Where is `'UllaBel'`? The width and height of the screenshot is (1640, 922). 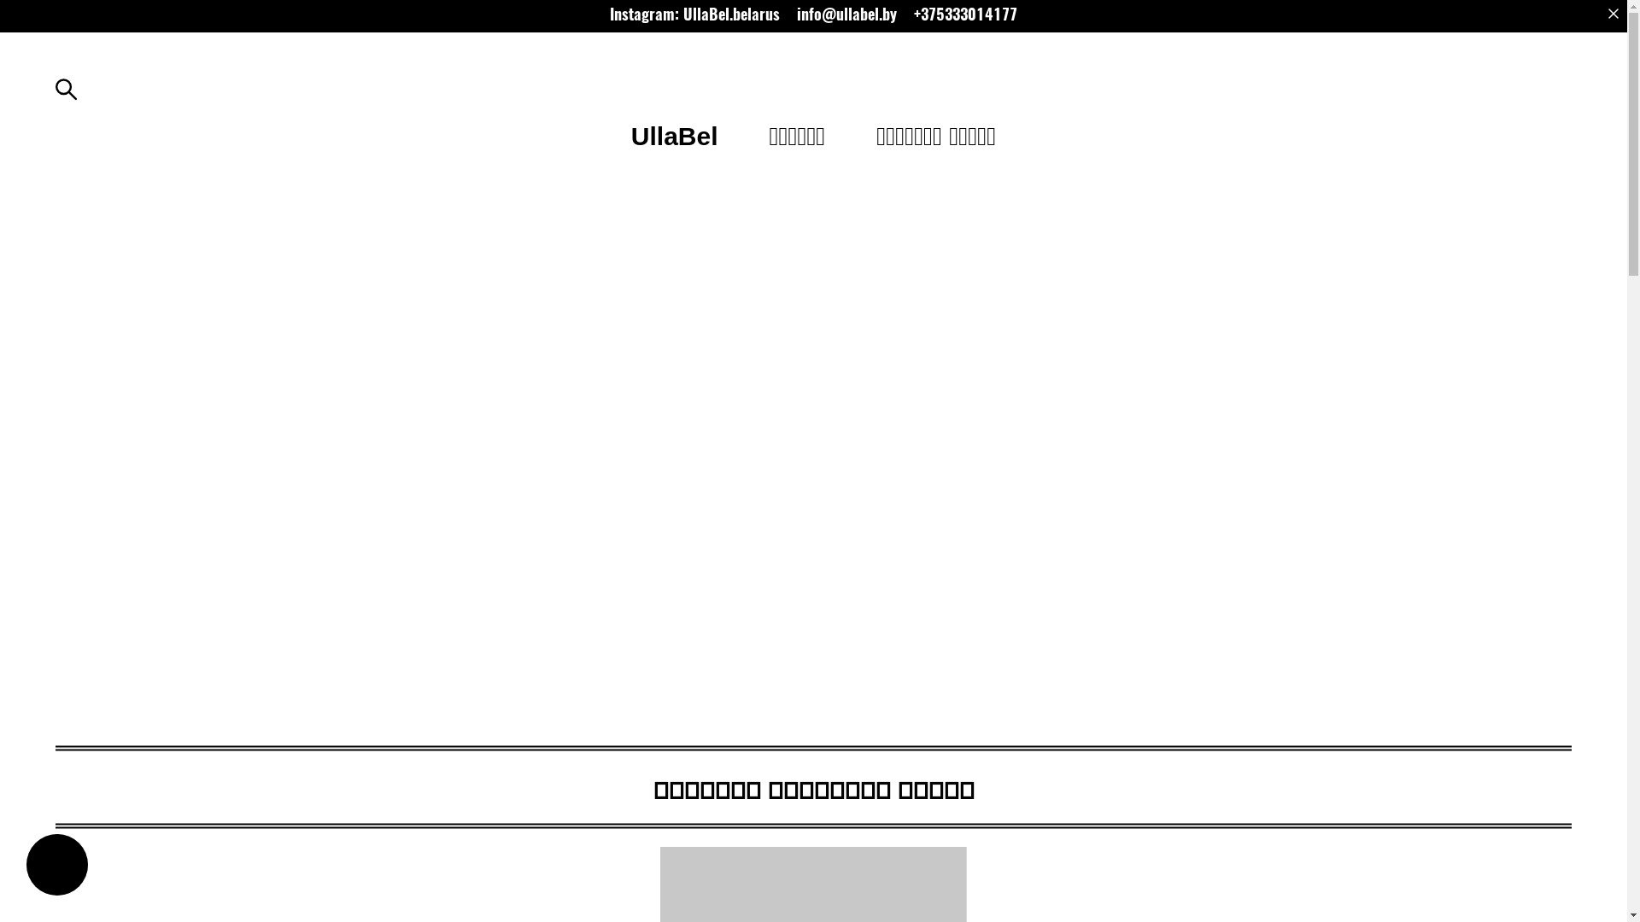 'UllaBel' is located at coordinates (674, 135).